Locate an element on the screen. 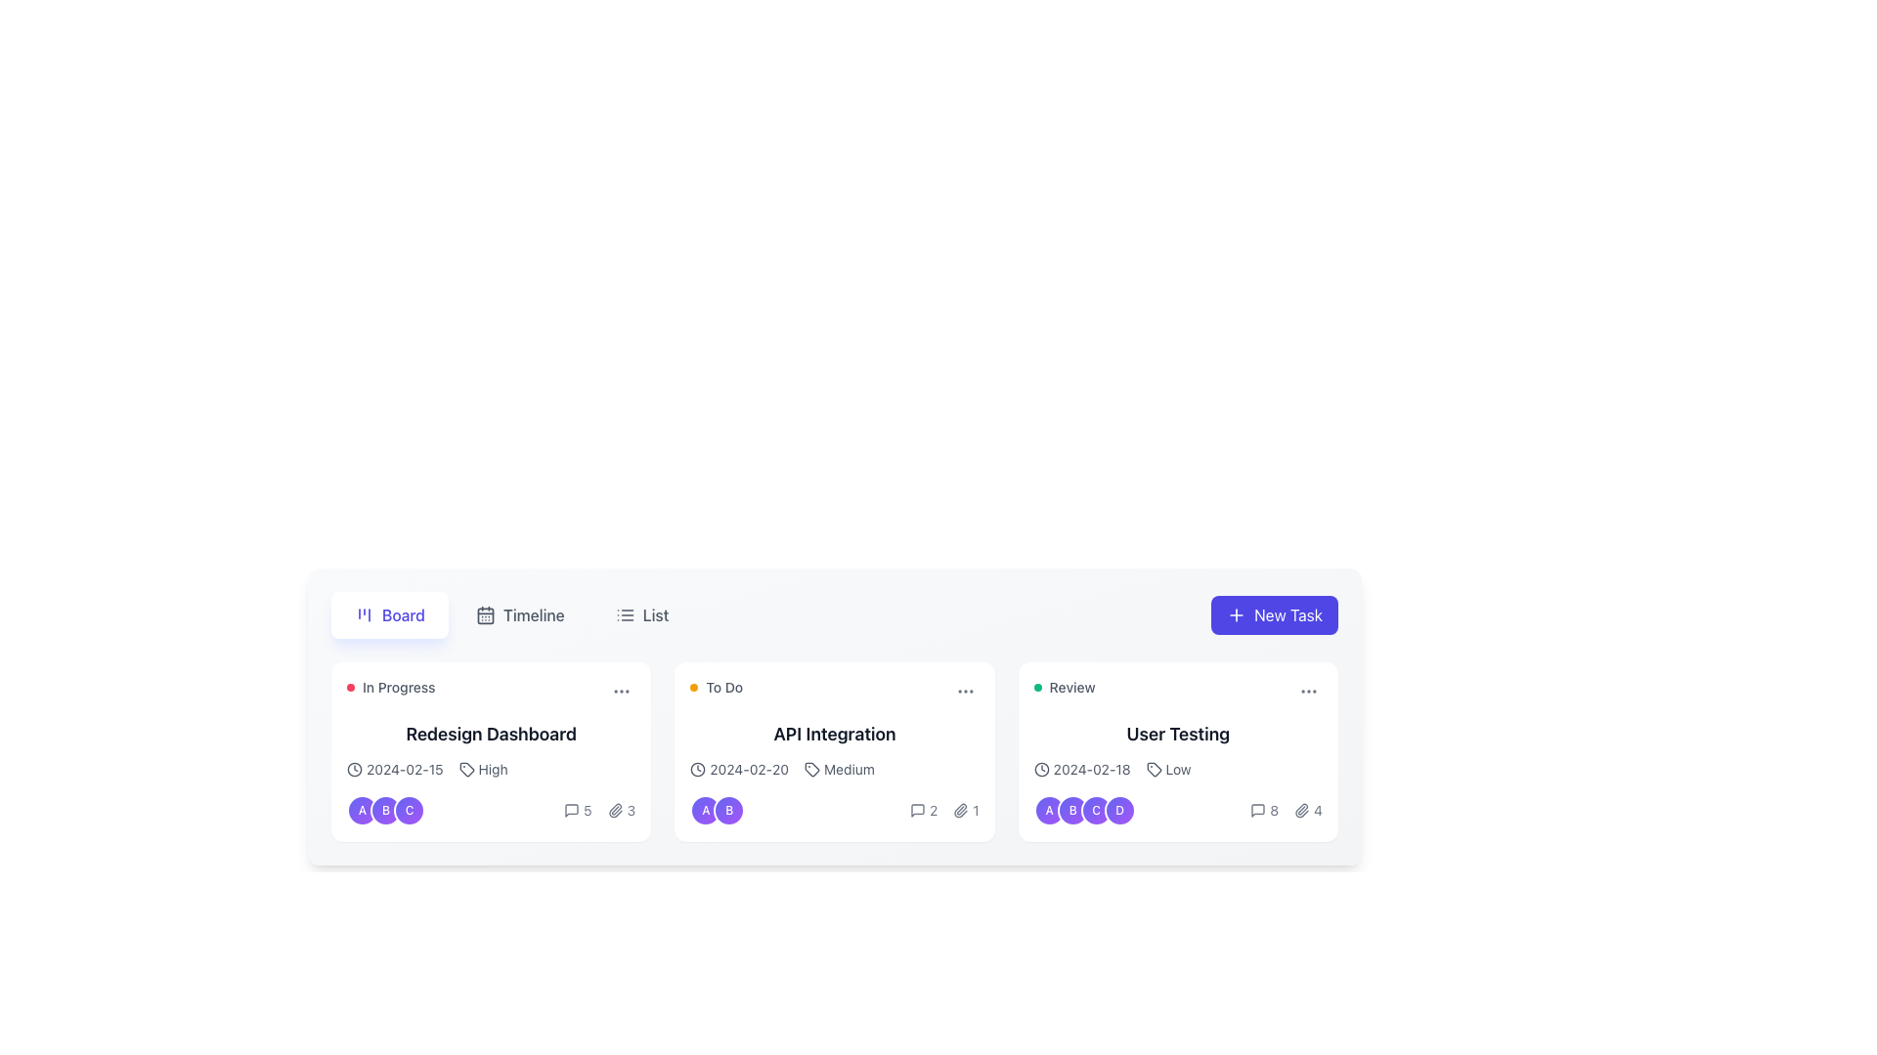 The image size is (1877, 1055). the leftmost circular badge labeled 'A' within the 'User Testing' task card to highlight it is located at coordinates (1048, 810).